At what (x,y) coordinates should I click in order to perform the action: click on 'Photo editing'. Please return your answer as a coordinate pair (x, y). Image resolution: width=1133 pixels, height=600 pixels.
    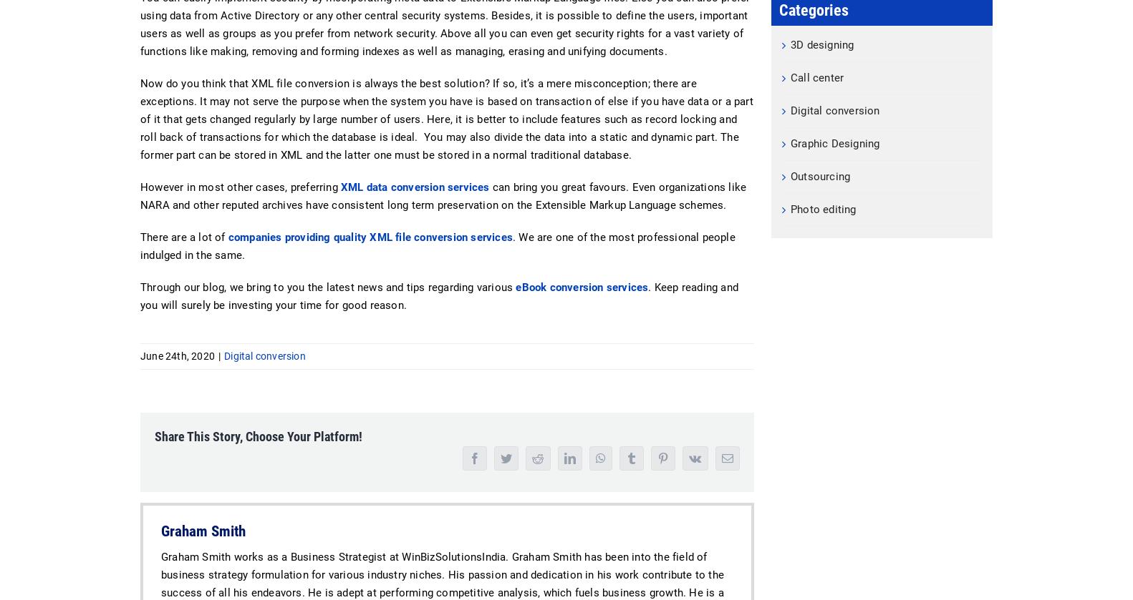
    Looking at the image, I should click on (791, 209).